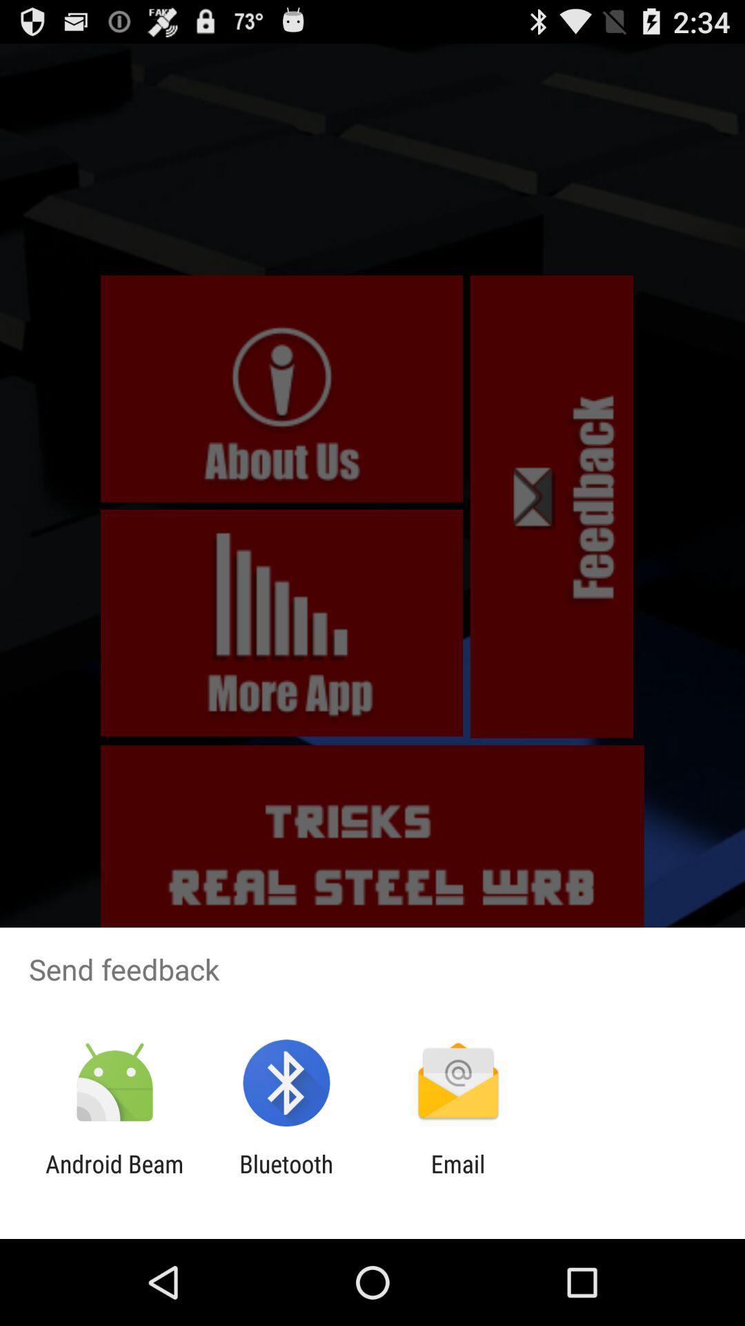 The image size is (745, 1326). Describe the element at coordinates (286, 1178) in the screenshot. I see `item next to the email item` at that location.